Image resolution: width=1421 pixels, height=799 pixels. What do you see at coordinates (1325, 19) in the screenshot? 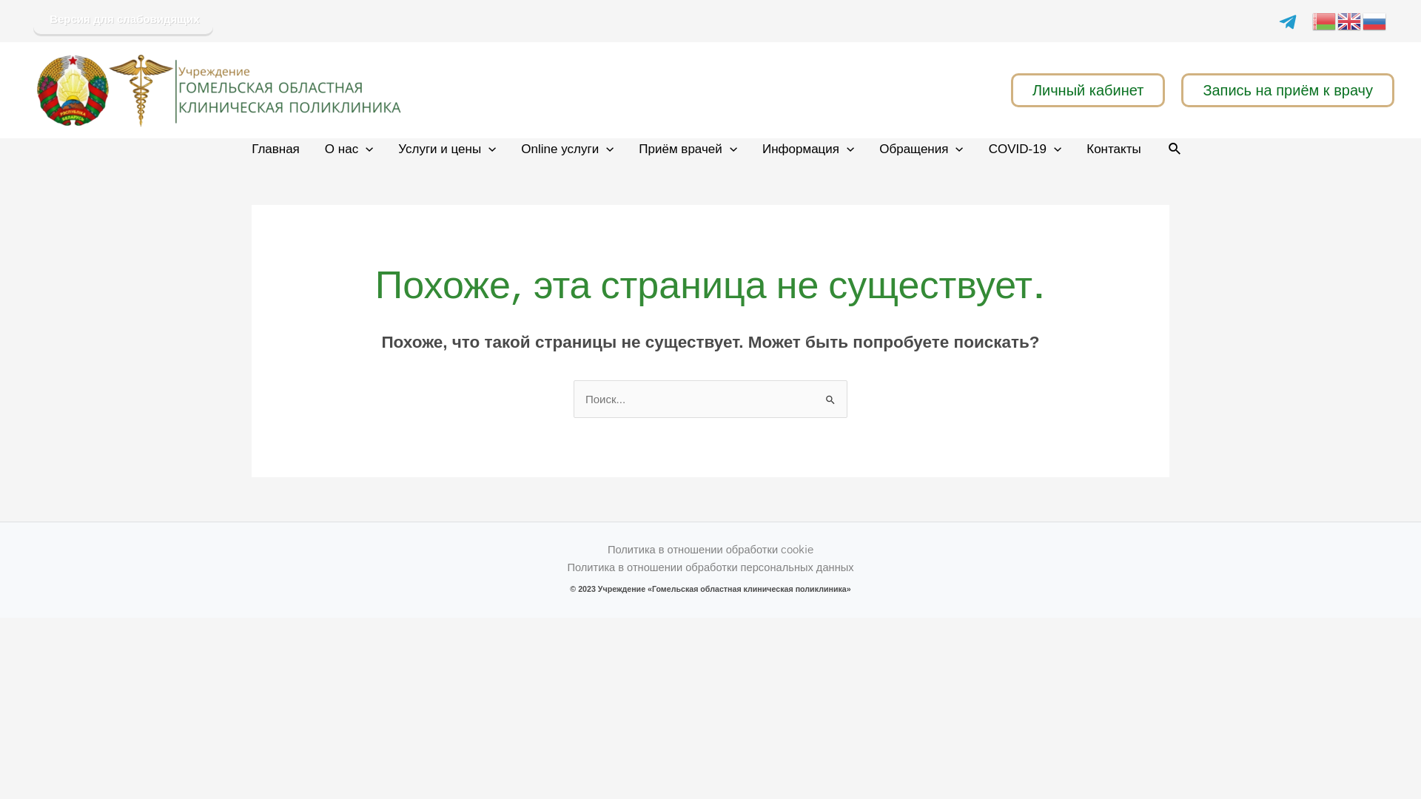
I see `'Belarusian'` at bounding box center [1325, 19].